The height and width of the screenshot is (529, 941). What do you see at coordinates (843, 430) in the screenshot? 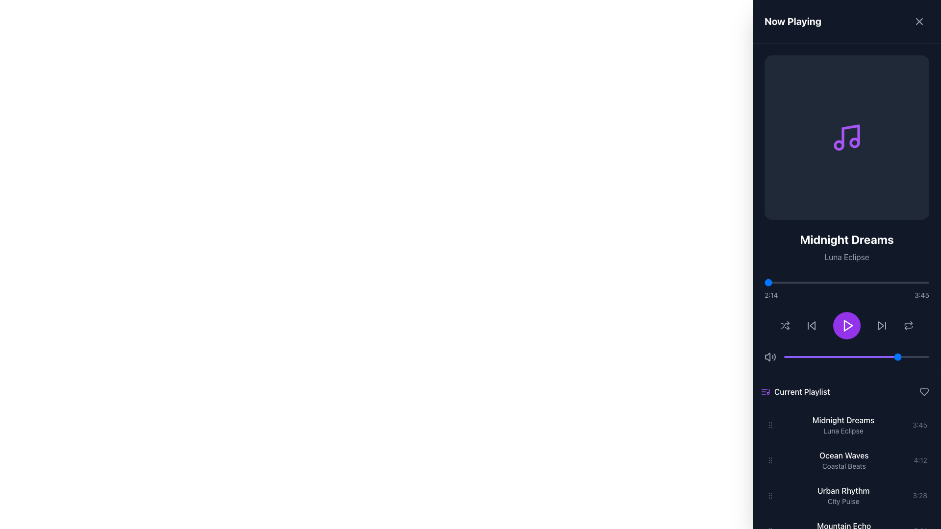
I see `the playlist item labeled 'Luna Eclipse', which is a gray-colored subtitle text positioned below 'Midnight Dreams' in the current playlist section` at bounding box center [843, 430].